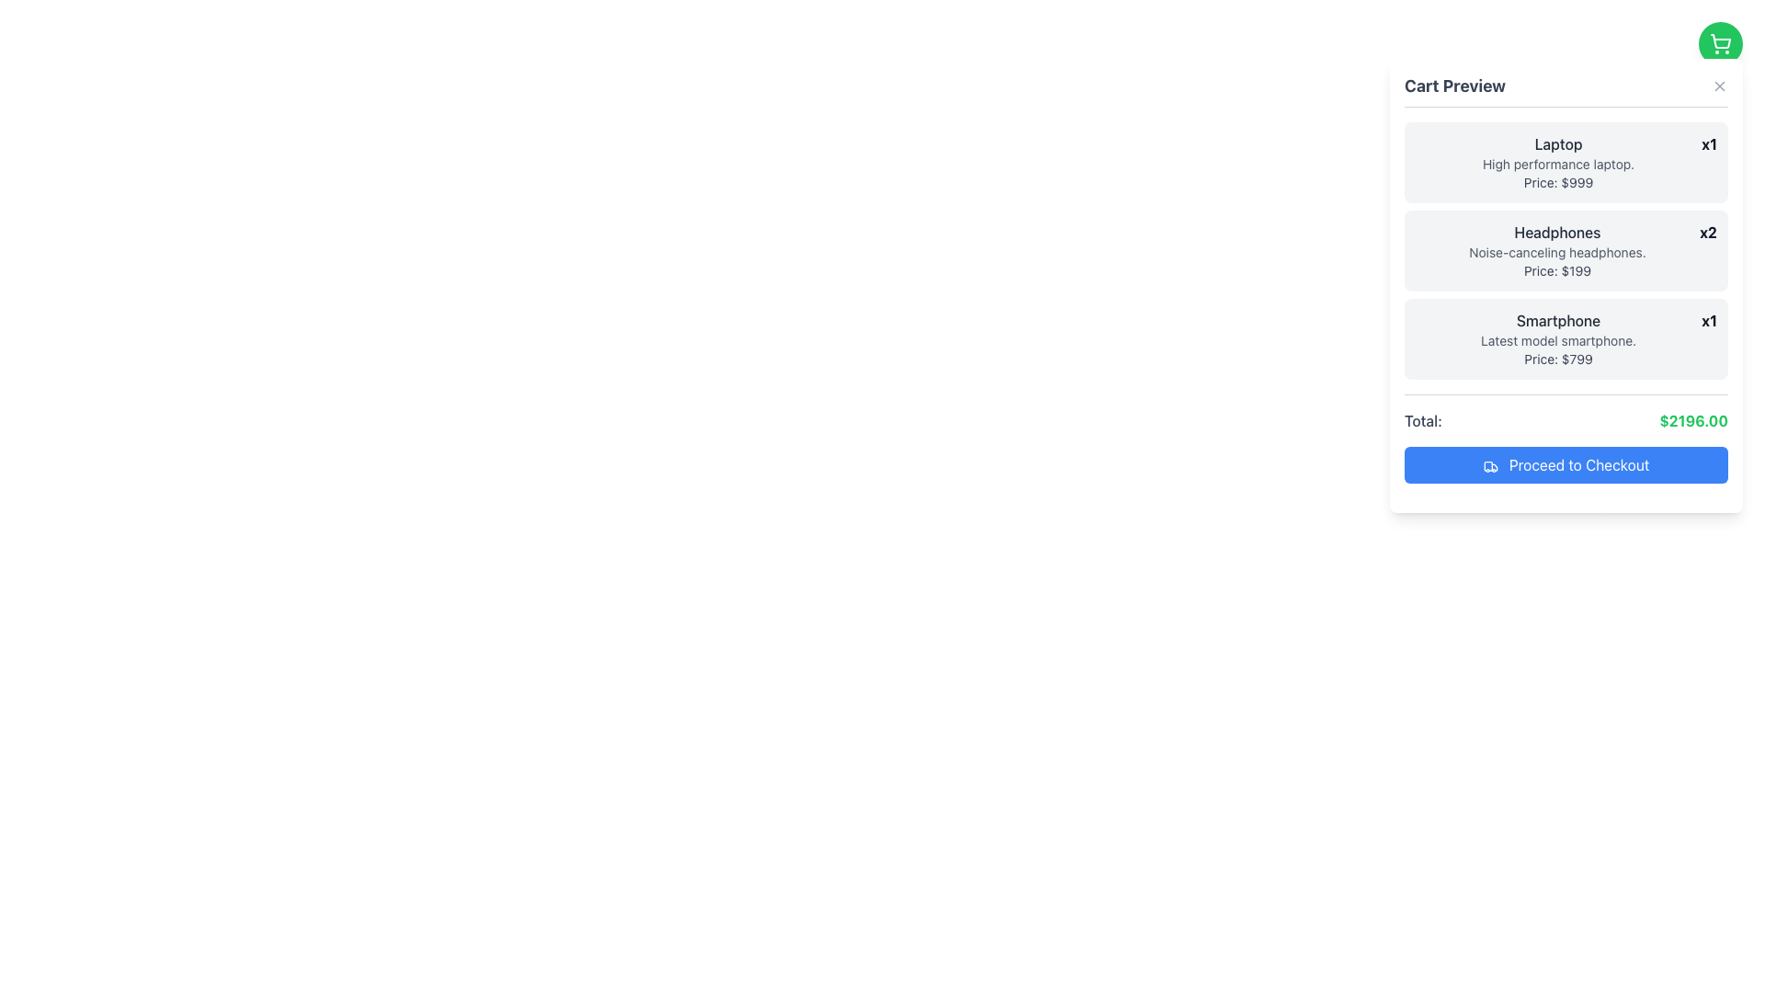  Describe the element at coordinates (1719, 86) in the screenshot. I see `the small 'X' icon in the top-right corner of the cart preview panel` at that location.